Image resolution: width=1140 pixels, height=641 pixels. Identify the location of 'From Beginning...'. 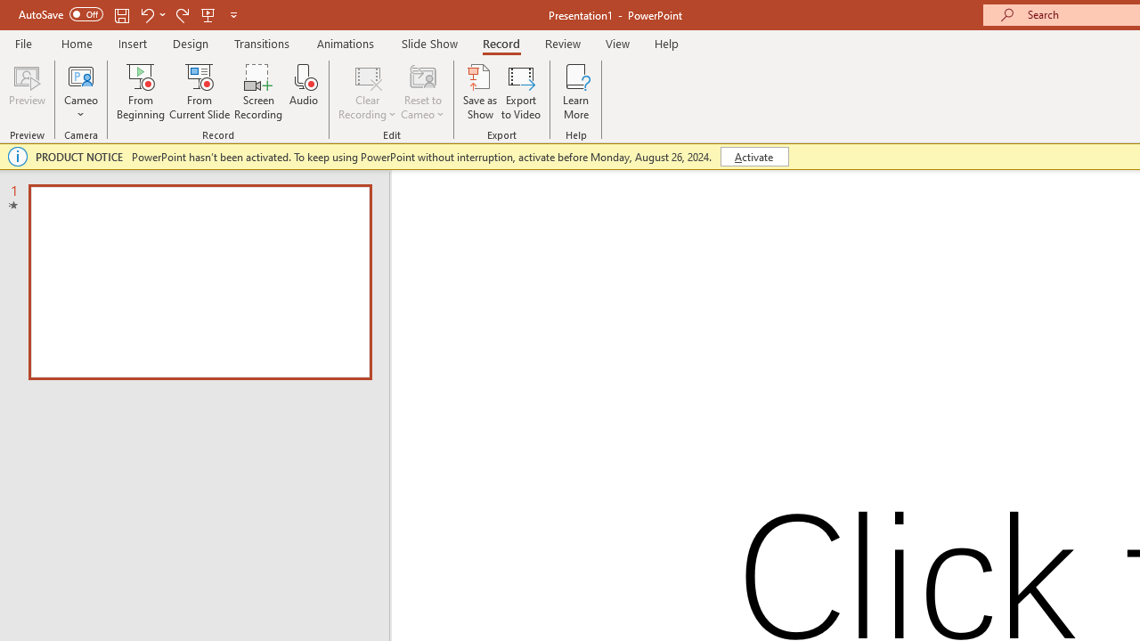
(140, 92).